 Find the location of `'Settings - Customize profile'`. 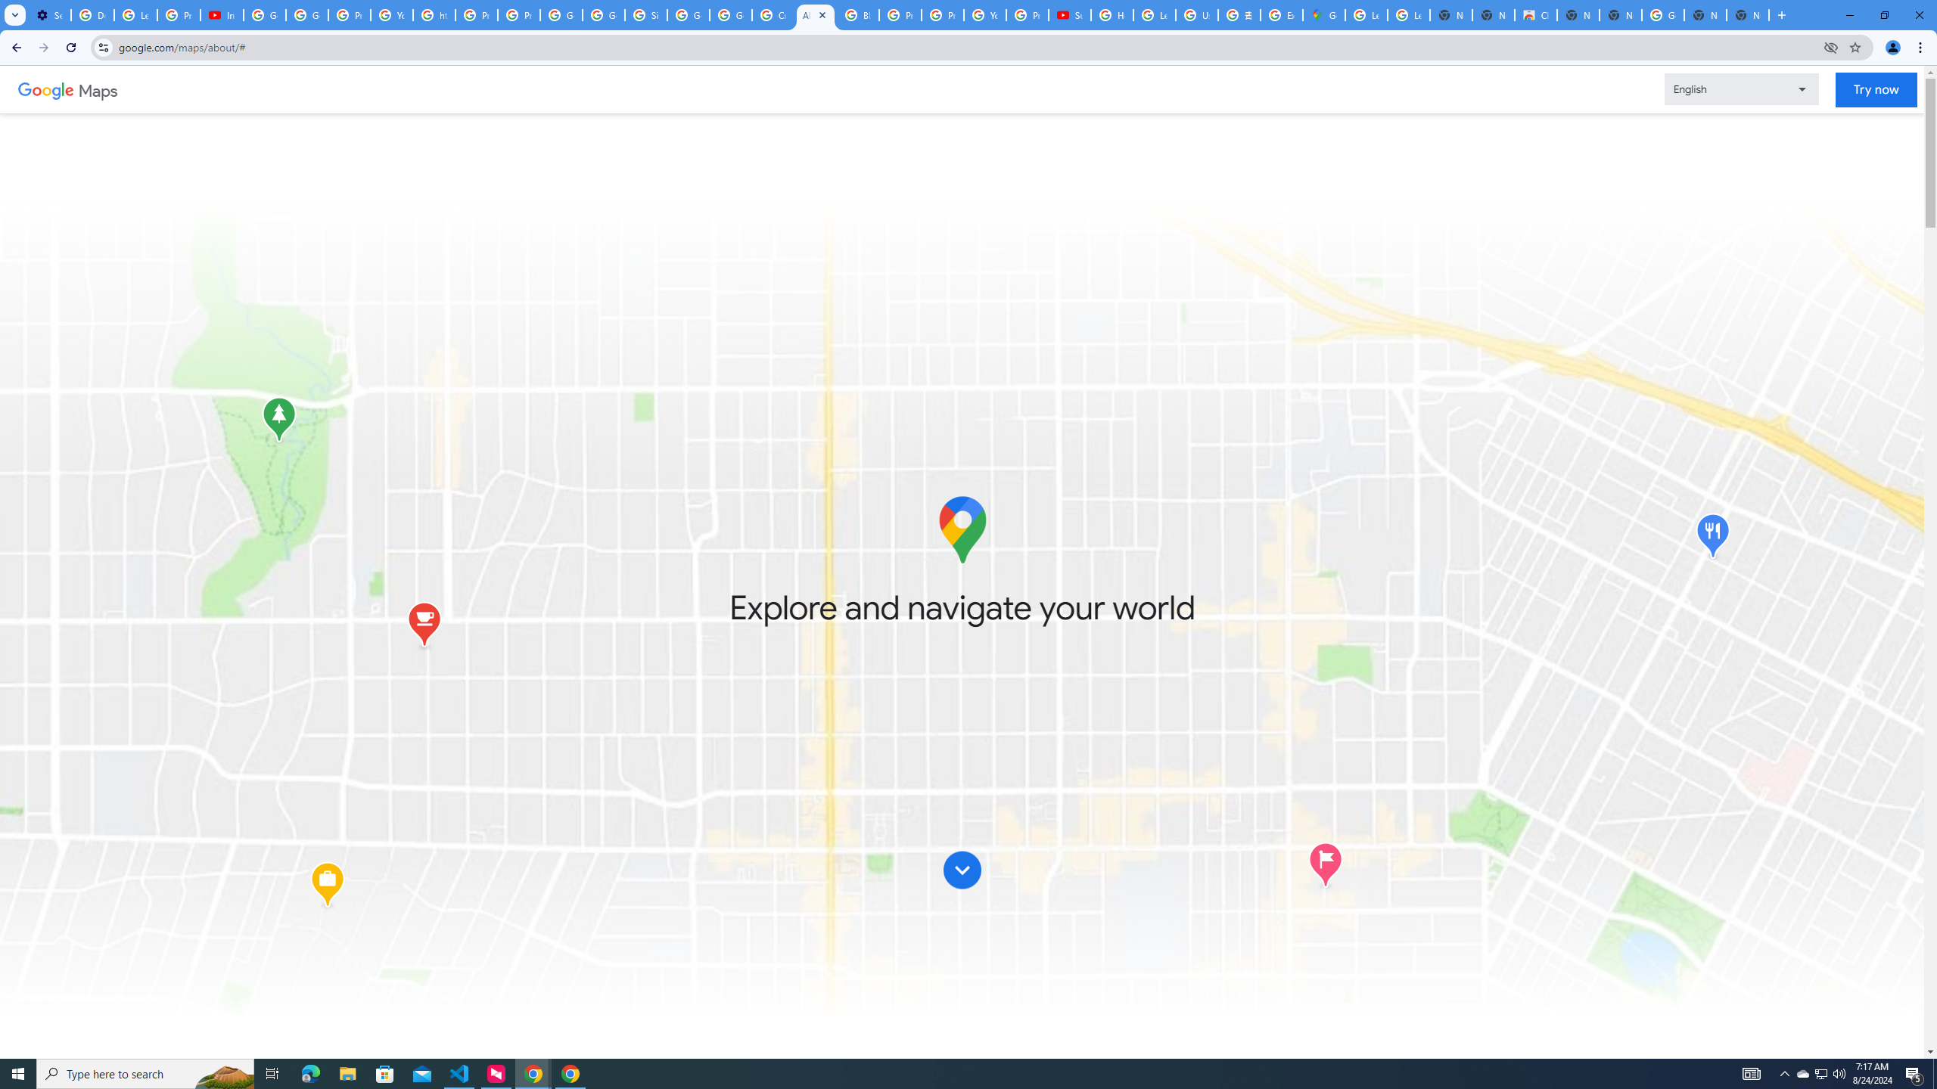

'Settings - Customize profile' is located at coordinates (49, 14).